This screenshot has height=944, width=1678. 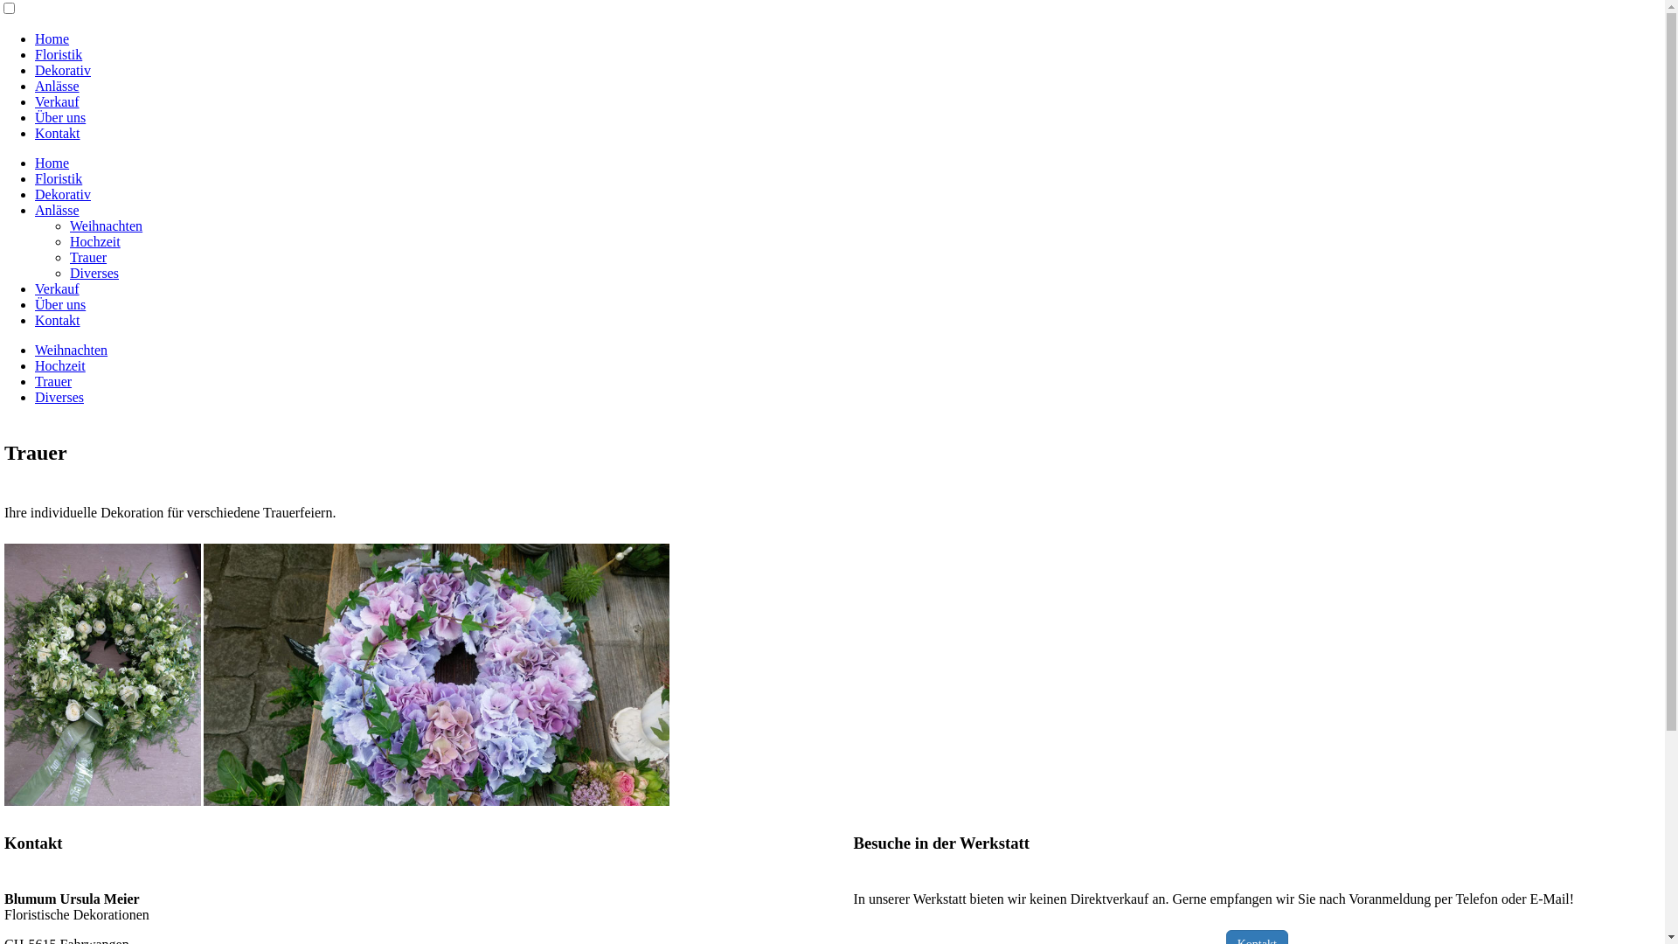 What do you see at coordinates (59, 53) in the screenshot?
I see `'Floristik'` at bounding box center [59, 53].